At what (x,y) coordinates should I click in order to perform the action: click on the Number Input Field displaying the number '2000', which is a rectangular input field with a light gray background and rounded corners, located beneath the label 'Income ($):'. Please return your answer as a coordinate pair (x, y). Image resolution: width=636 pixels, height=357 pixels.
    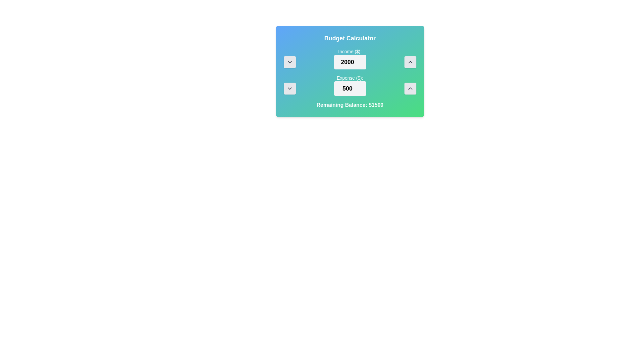
    Looking at the image, I should click on (349, 62).